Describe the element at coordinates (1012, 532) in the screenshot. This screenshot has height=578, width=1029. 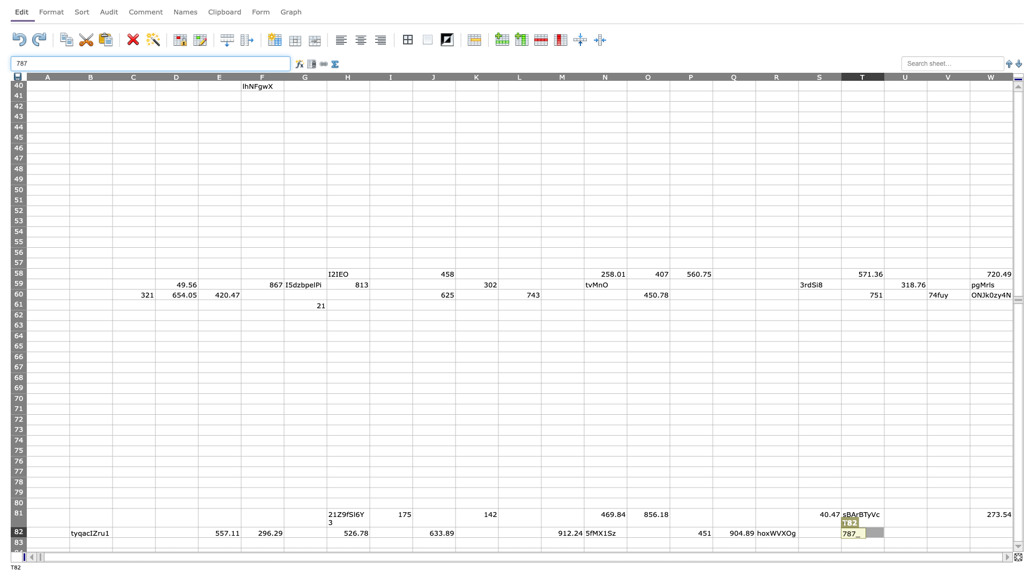
I see `Right margin of W82` at that location.